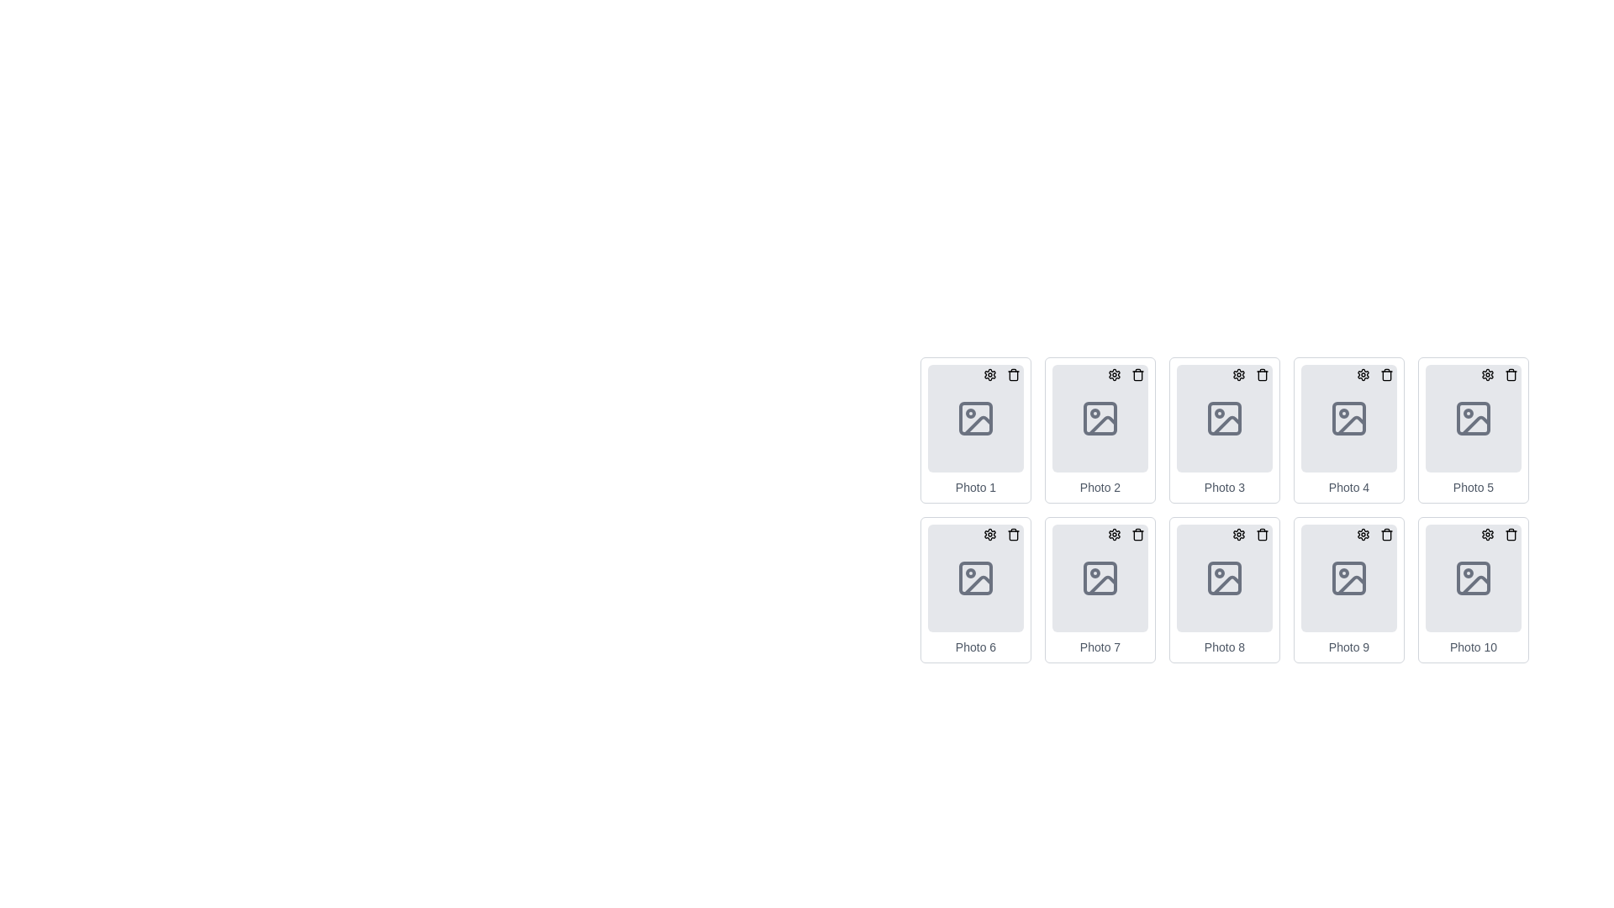 Image resolution: width=1614 pixels, height=908 pixels. Describe the element at coordinates (1263, 535) in the screenshot. I see `the delete icon located in the top-right corner of the eighth photo tile` at that location.